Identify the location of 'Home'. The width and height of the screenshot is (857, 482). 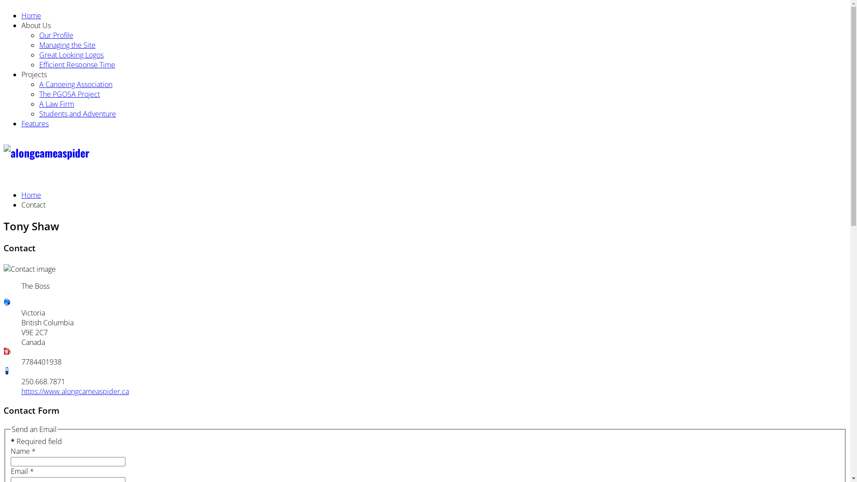
(31, 194).